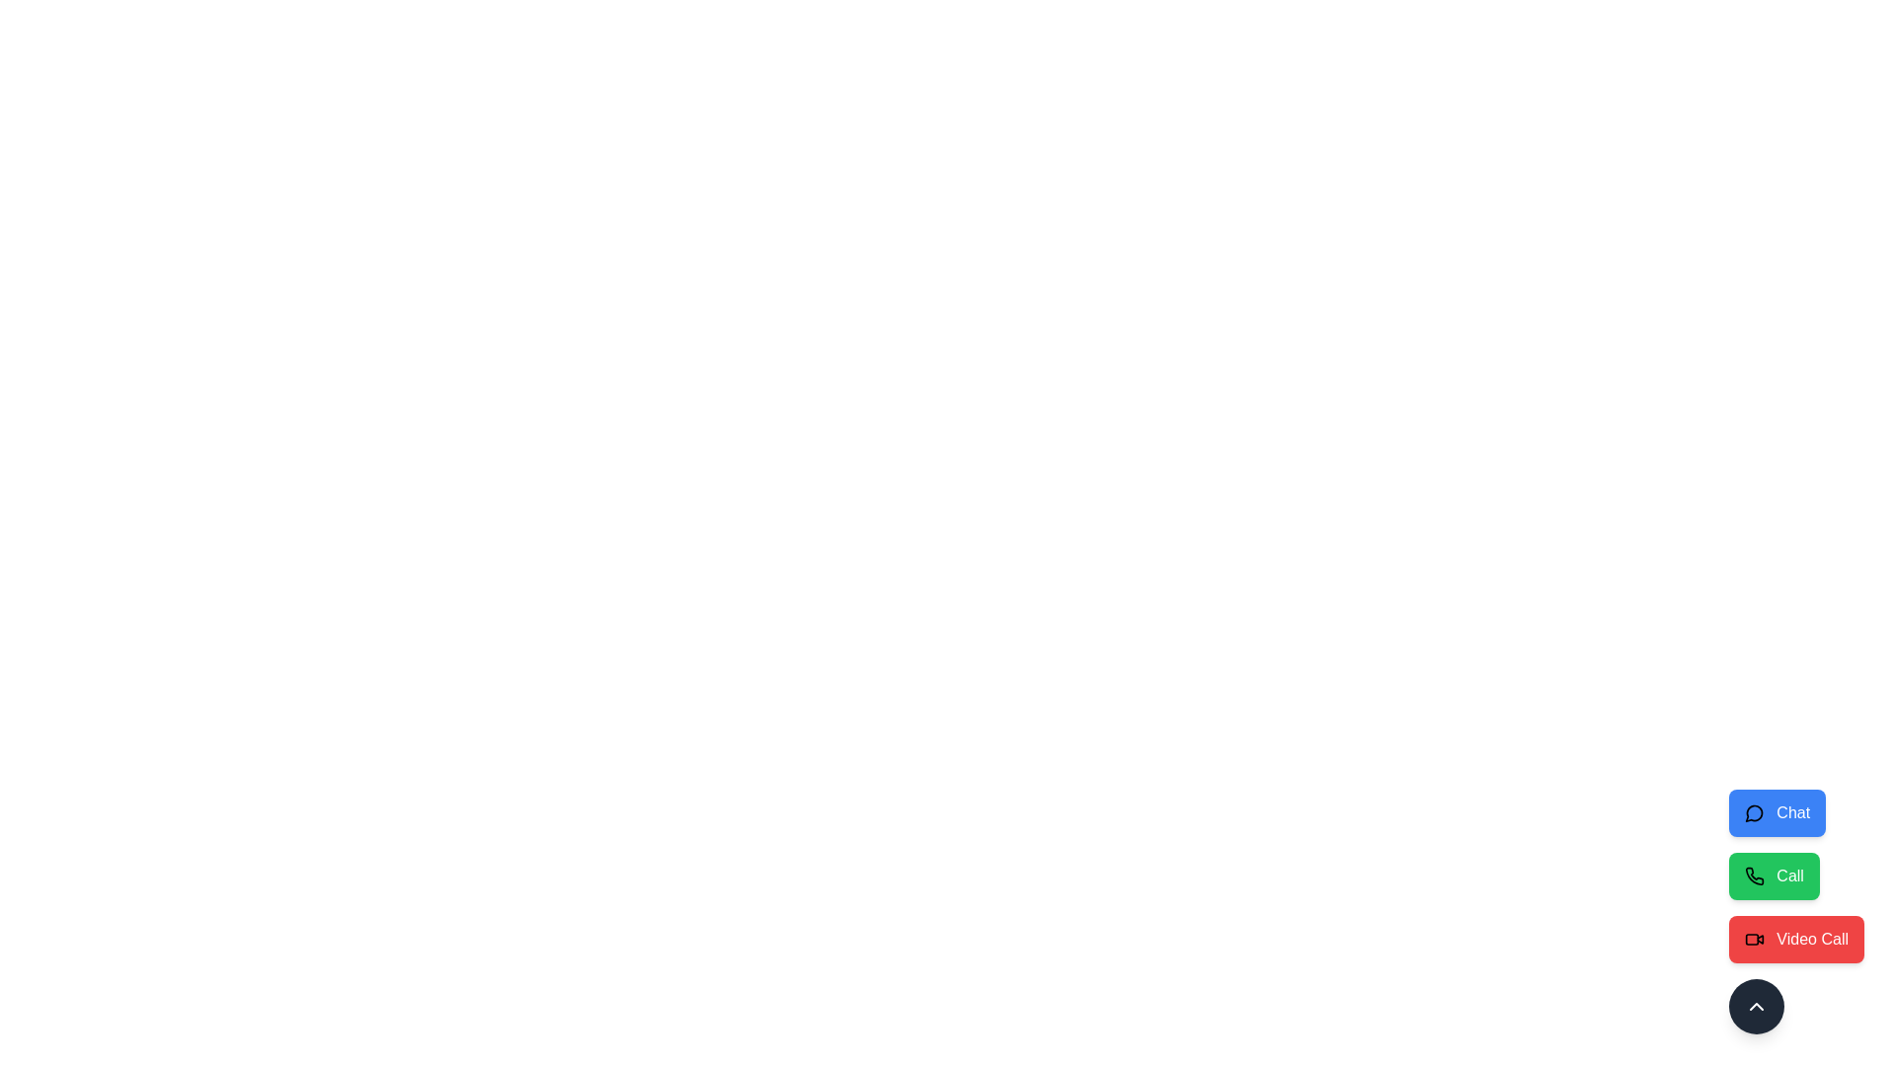 The width and height of the screenshot is (1896, 1066). What do you see at coordinates (1777, 813) in the screenshot?
I see `the 'Chat' button to initiate a chat` at bounding box center [1777, 813].